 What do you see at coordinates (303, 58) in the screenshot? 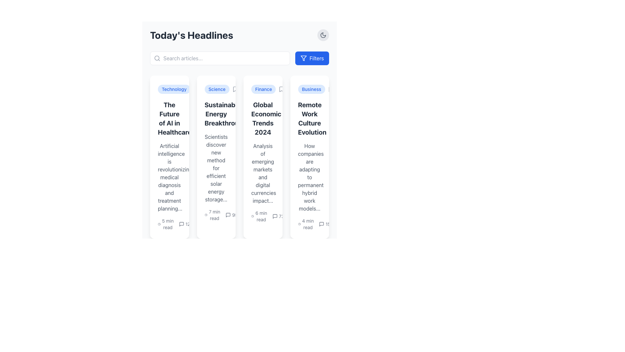
I see `the funnel SVG icon within the blue 'Filters' button located in the top-right section of the interface` at bounding box center [303, 58].